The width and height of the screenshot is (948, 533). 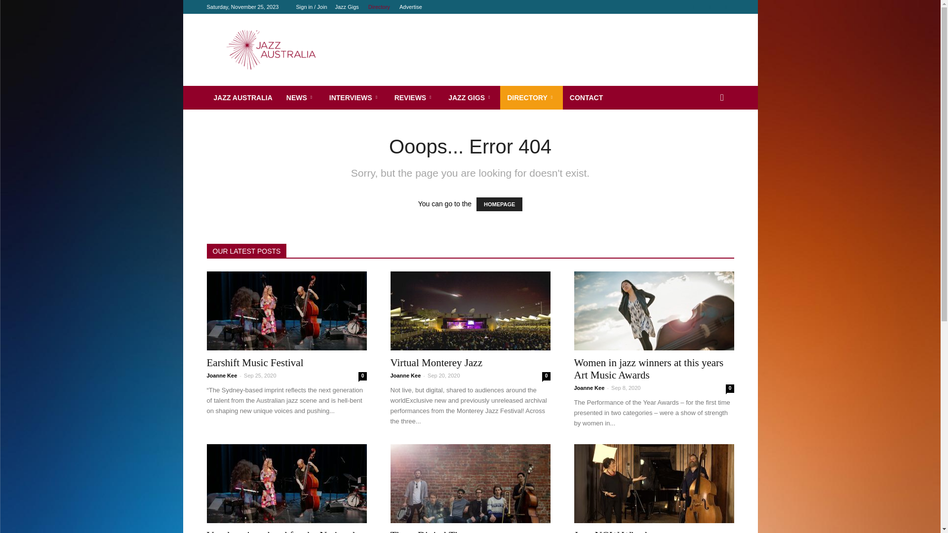 I want to click on 'NEWS', so click(x=300, y=97).